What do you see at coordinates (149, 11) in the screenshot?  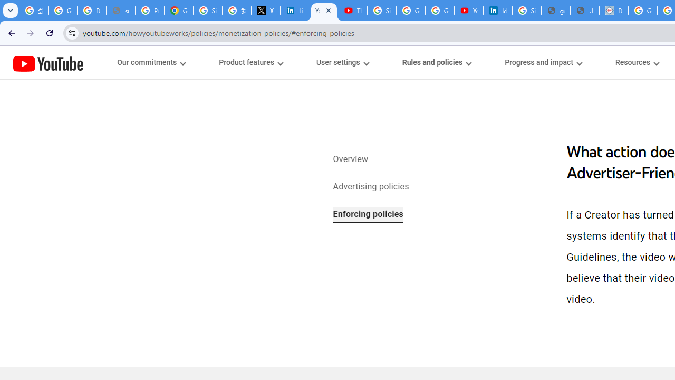 I see `'Privacy Help Center - Policies Help'` at bounding box center [149, 11].